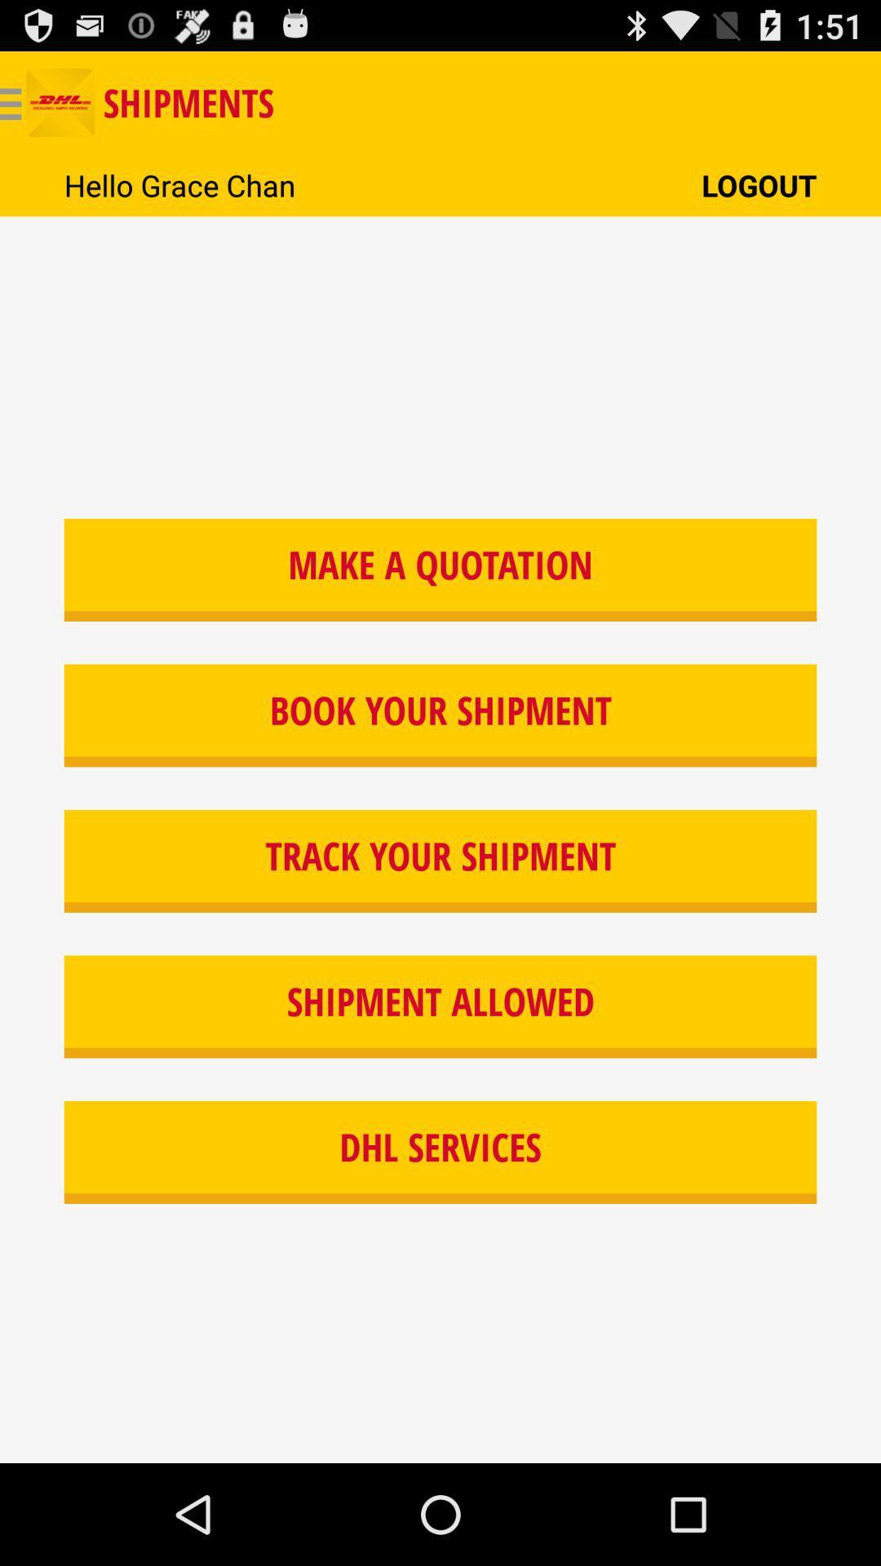  I want to click on logout app, so click(759, 185).